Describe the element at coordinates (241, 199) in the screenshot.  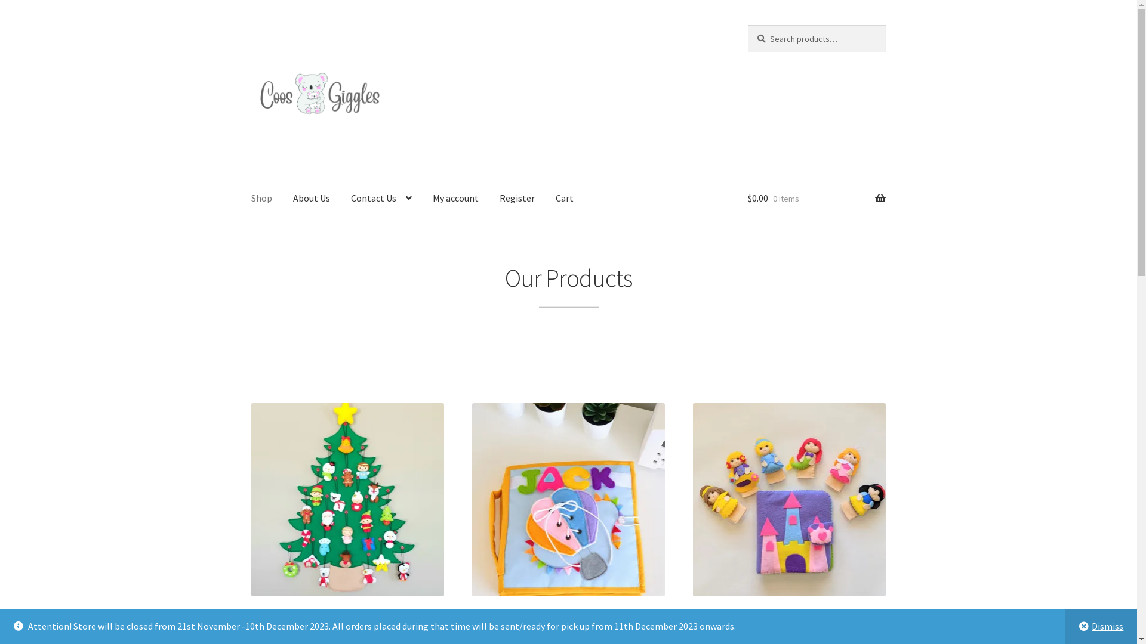
I see `'Shop'` at that location.